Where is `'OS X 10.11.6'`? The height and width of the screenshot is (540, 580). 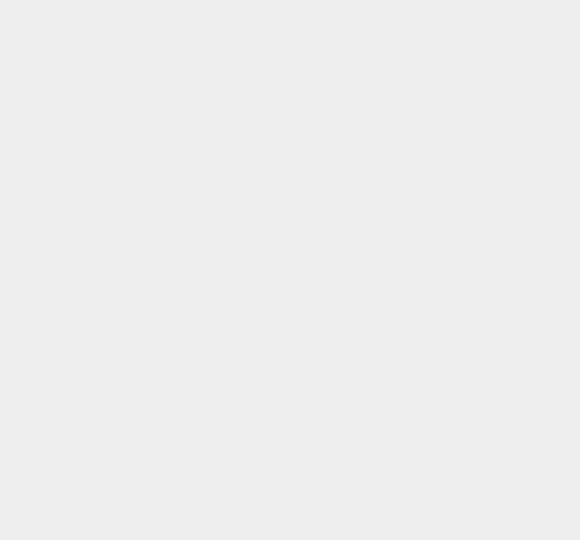 'OS X 10.11.6' is located at coordinates (430, 361).